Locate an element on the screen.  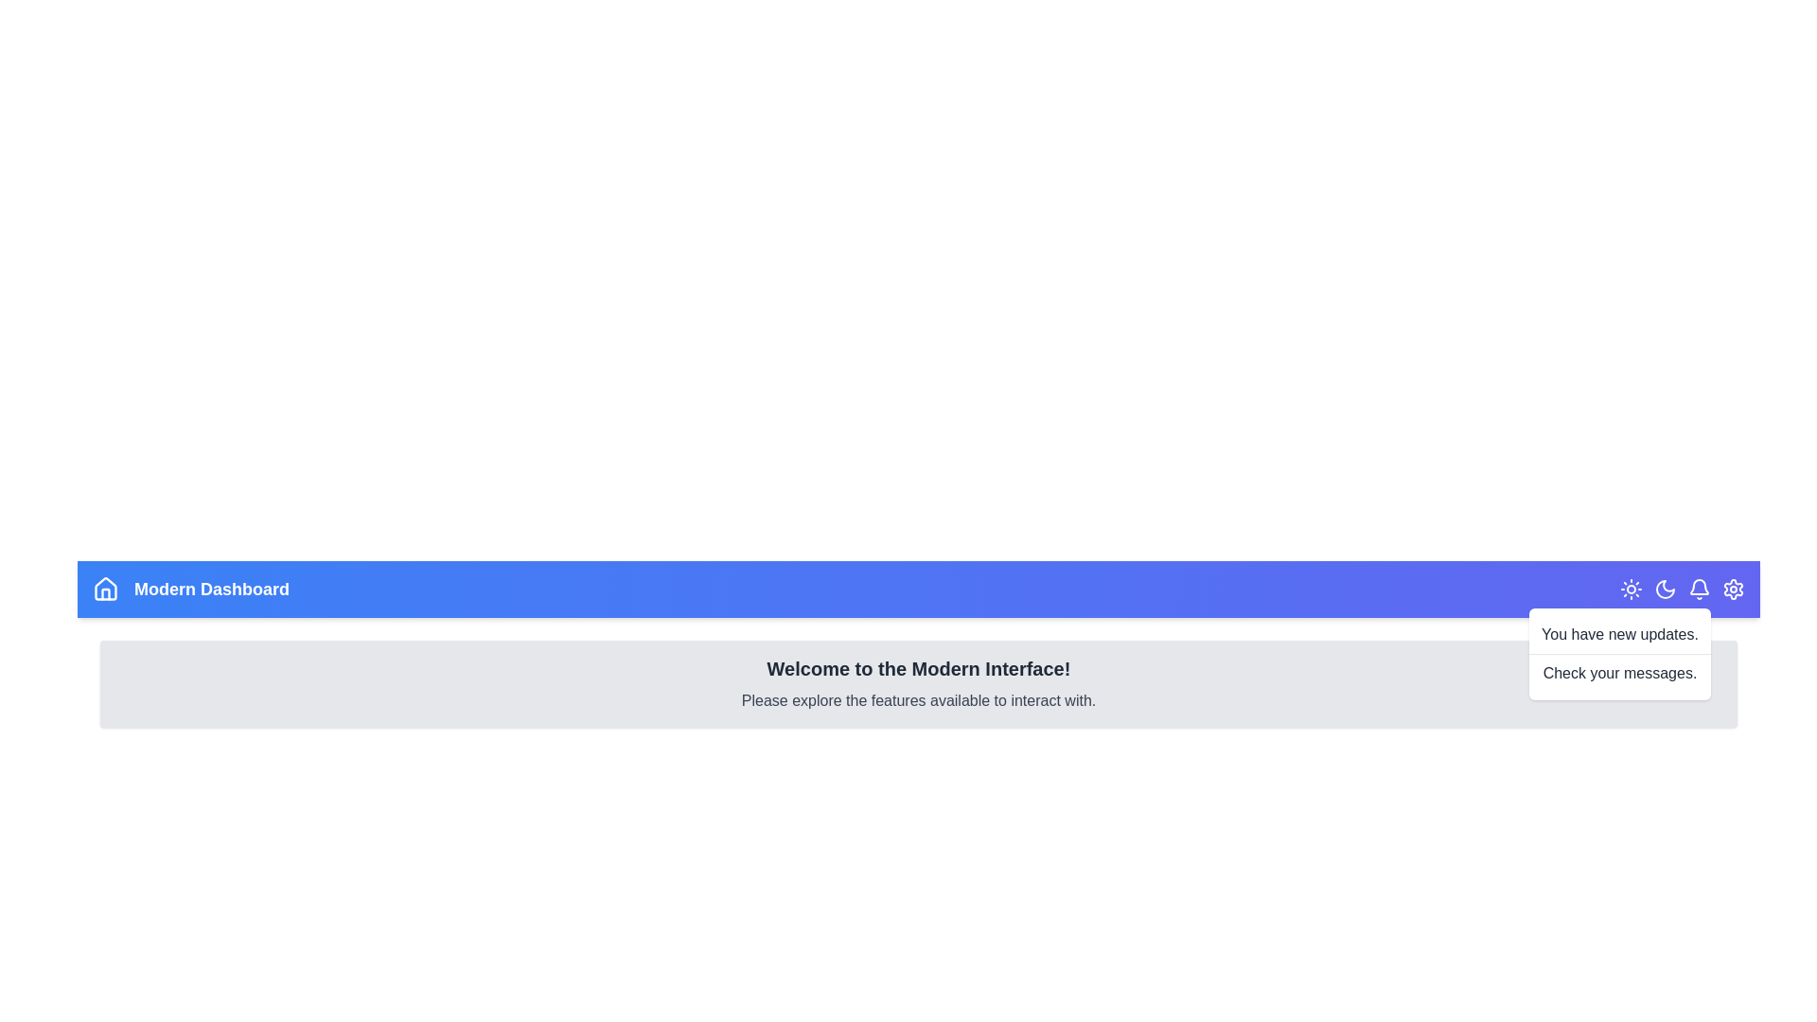
the settings icon to open the settings menu is located at coordinates (1734, 589).